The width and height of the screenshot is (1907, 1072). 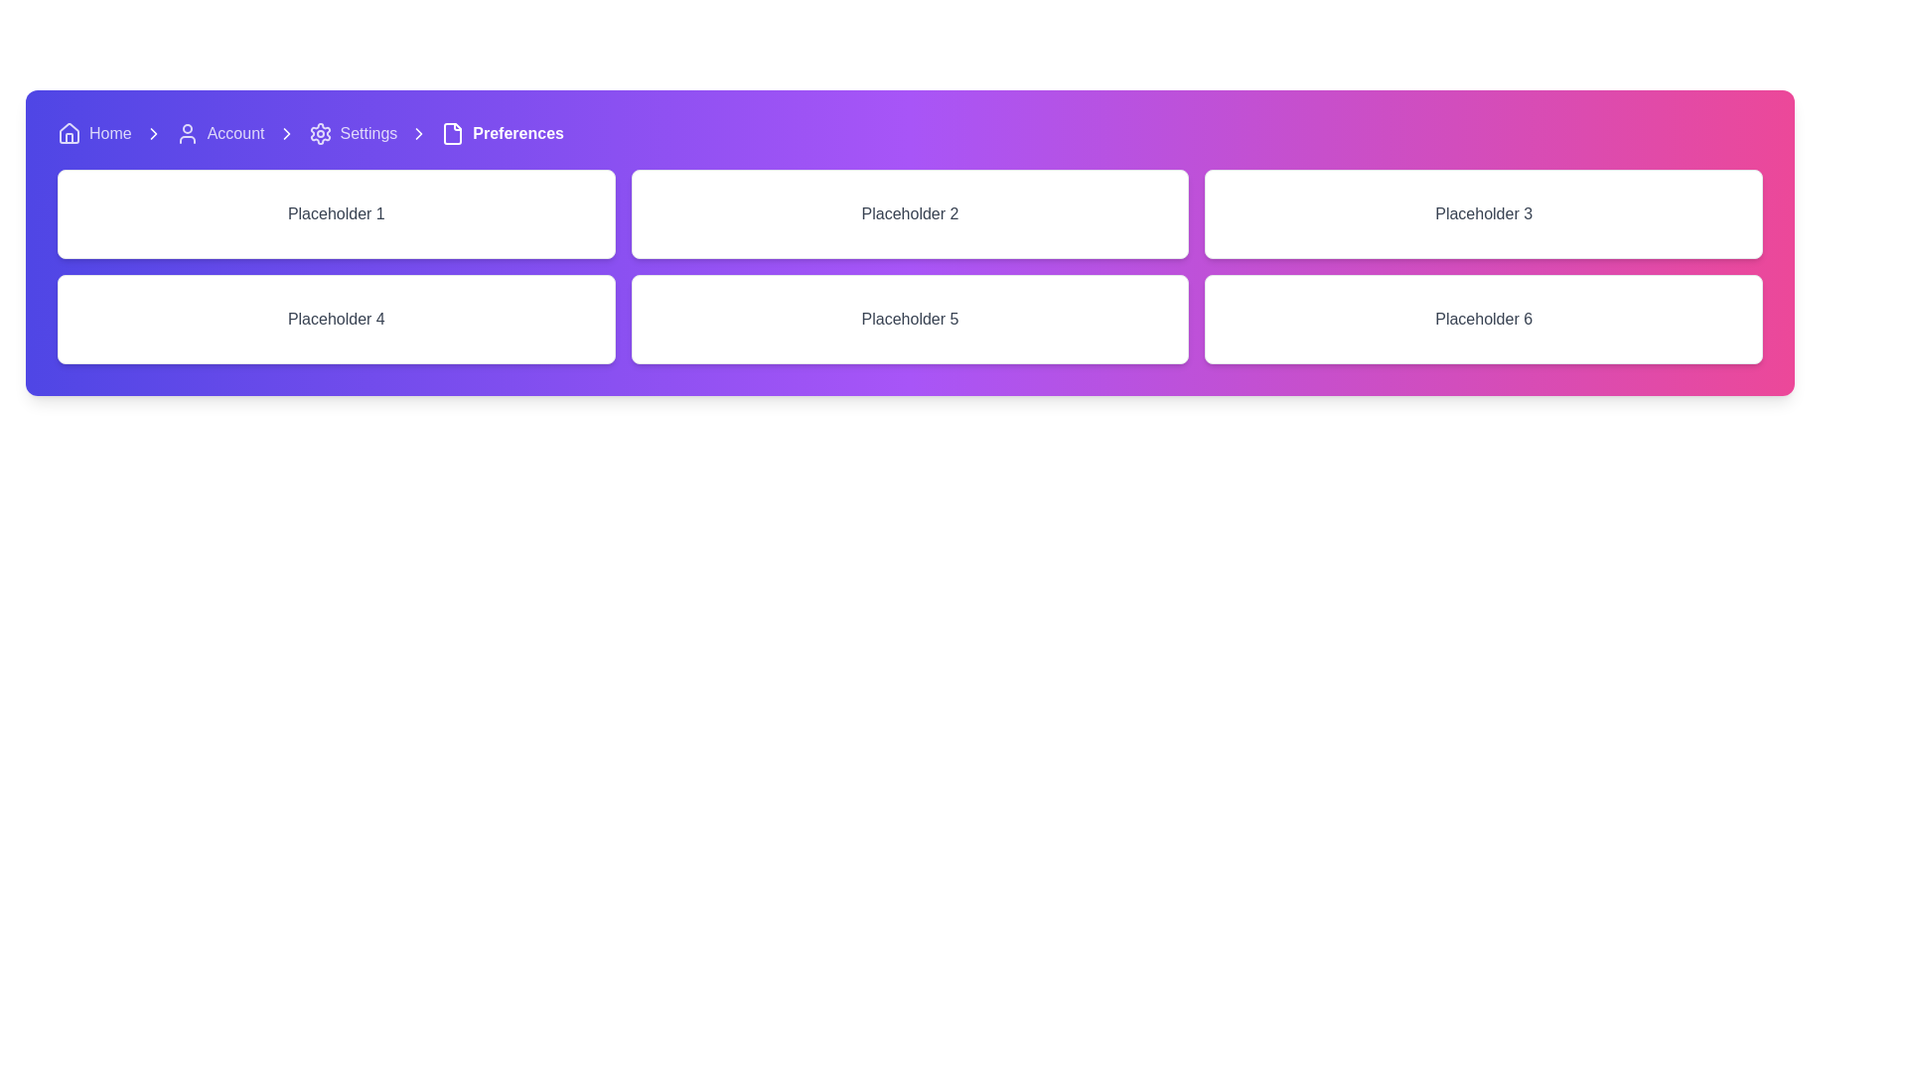 What do you see at coordinates (220, 134) in the screenshot?
I see `the 'Account' hyperlink with an icon in the breadcrumb navigation bar` at bounding box center [220, 134].